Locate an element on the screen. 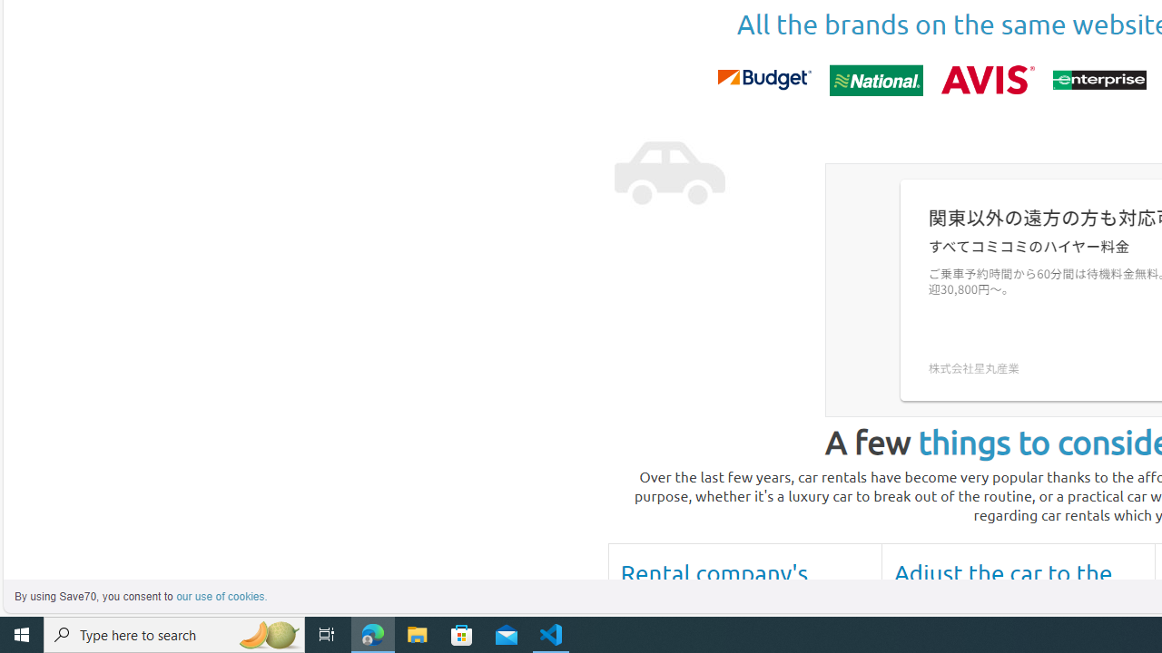 The width and height of the screenshot is (1162, 653). 'avis' is located at coordinates (987, 79).